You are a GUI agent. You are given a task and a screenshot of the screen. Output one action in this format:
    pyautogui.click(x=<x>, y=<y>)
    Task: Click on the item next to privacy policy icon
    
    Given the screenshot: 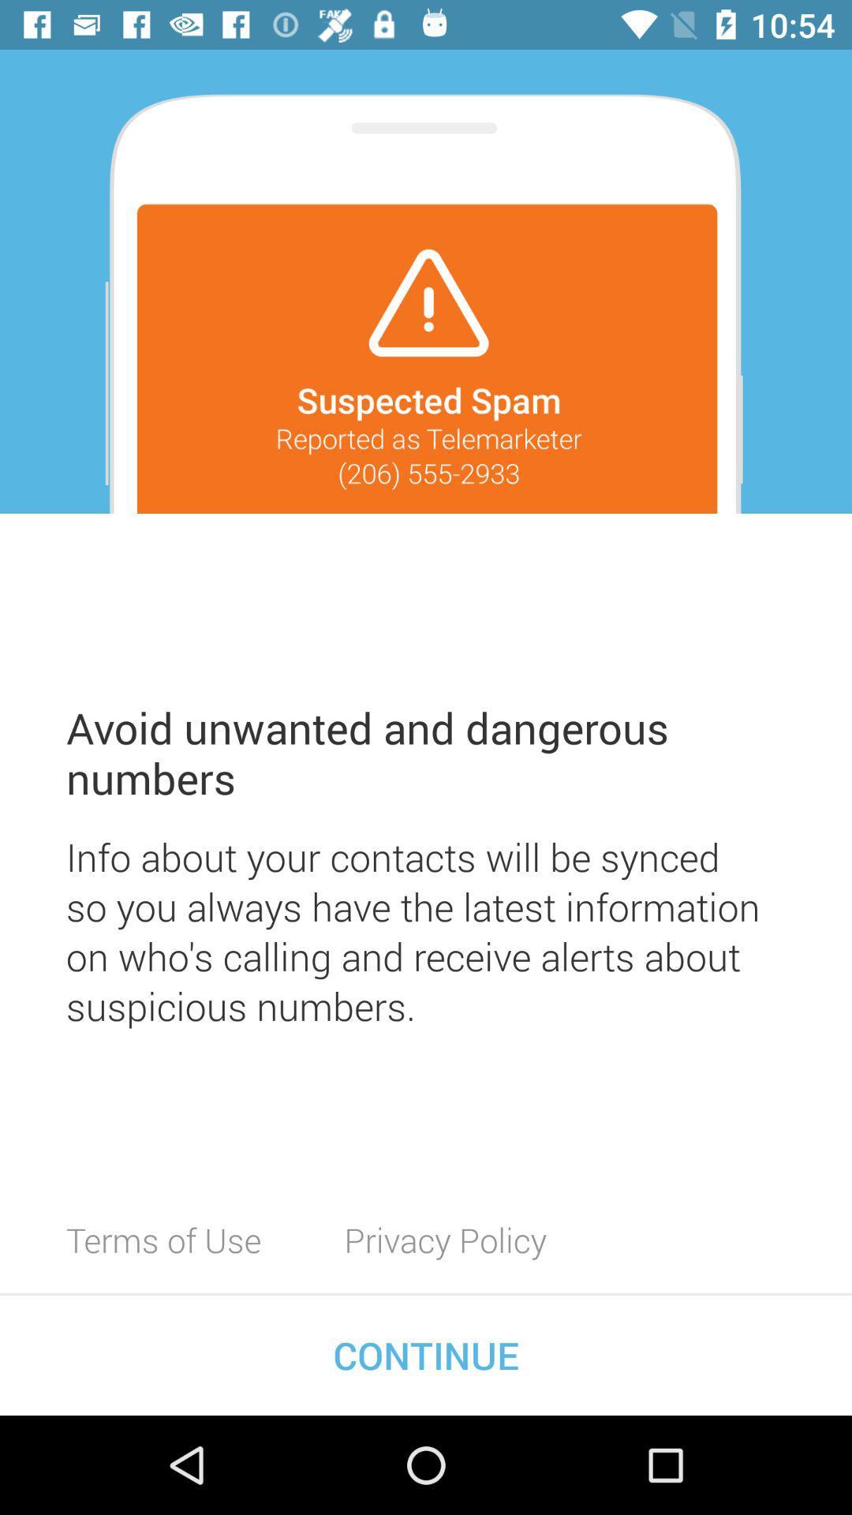 What is the action you would take?
    pyautogui.click(x=163, y=1239)
    